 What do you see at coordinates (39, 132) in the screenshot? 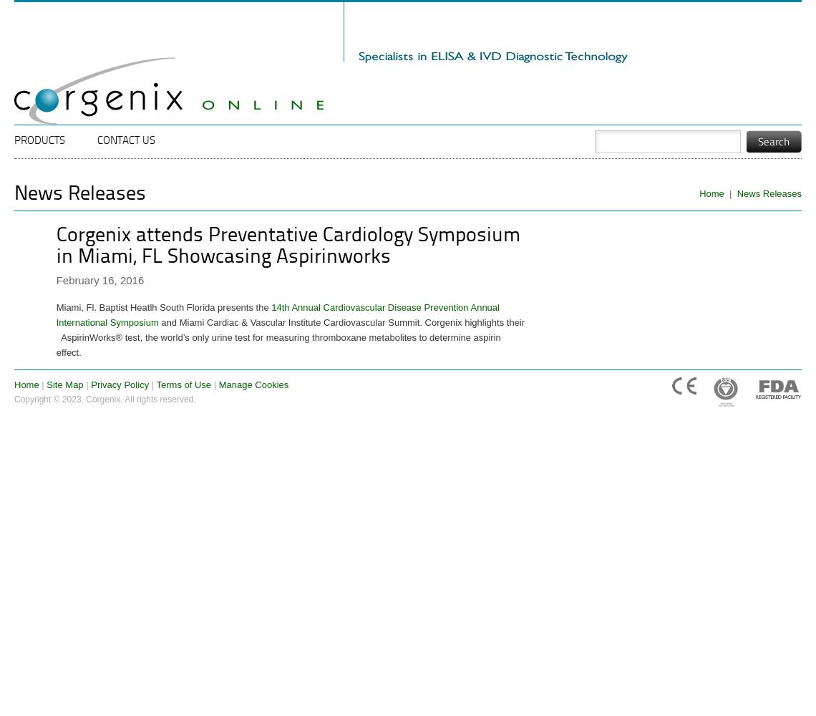
I see `'Main menu'` at bounding box center [39, 132].